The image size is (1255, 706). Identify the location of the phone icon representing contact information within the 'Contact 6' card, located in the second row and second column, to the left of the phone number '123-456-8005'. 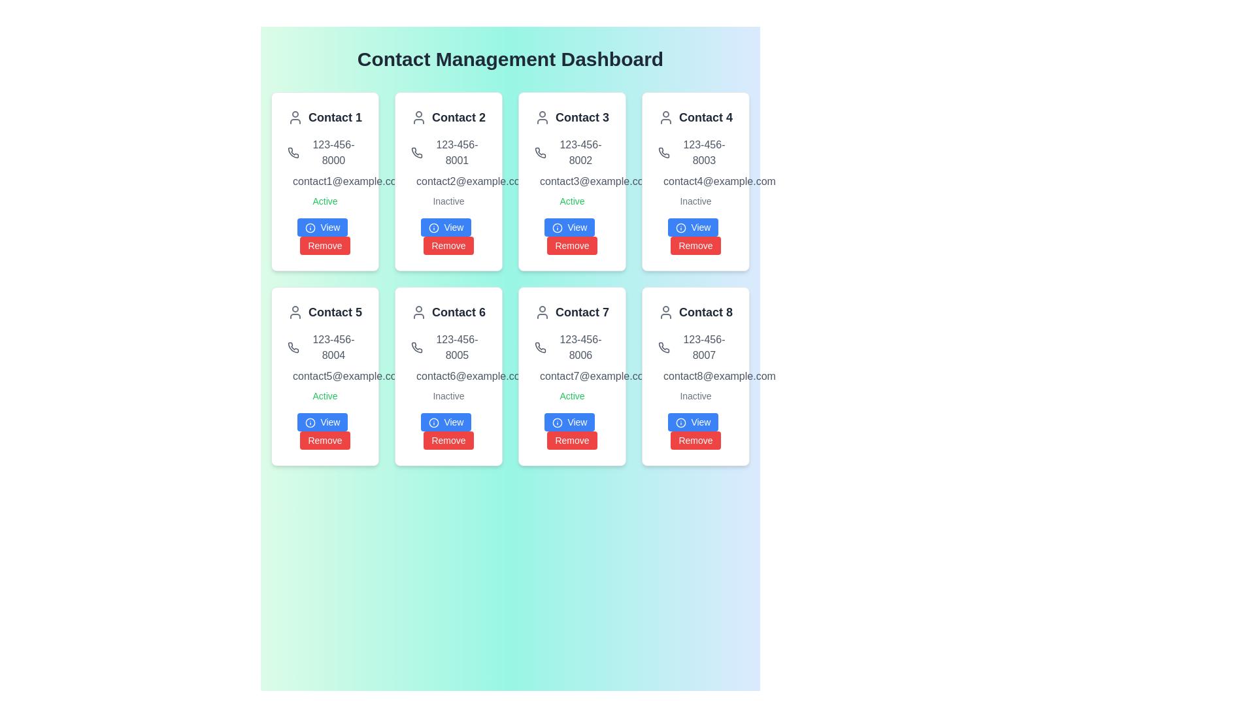
(416, 347).